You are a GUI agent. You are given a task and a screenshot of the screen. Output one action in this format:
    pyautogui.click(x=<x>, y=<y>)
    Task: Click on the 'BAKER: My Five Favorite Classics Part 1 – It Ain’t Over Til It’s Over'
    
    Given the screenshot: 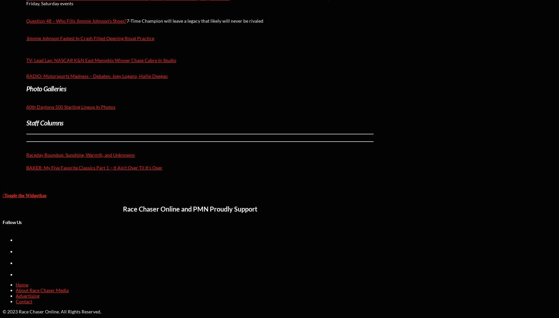 What is the action you would take?
    pyautogui.click(x=94, y=168)
    